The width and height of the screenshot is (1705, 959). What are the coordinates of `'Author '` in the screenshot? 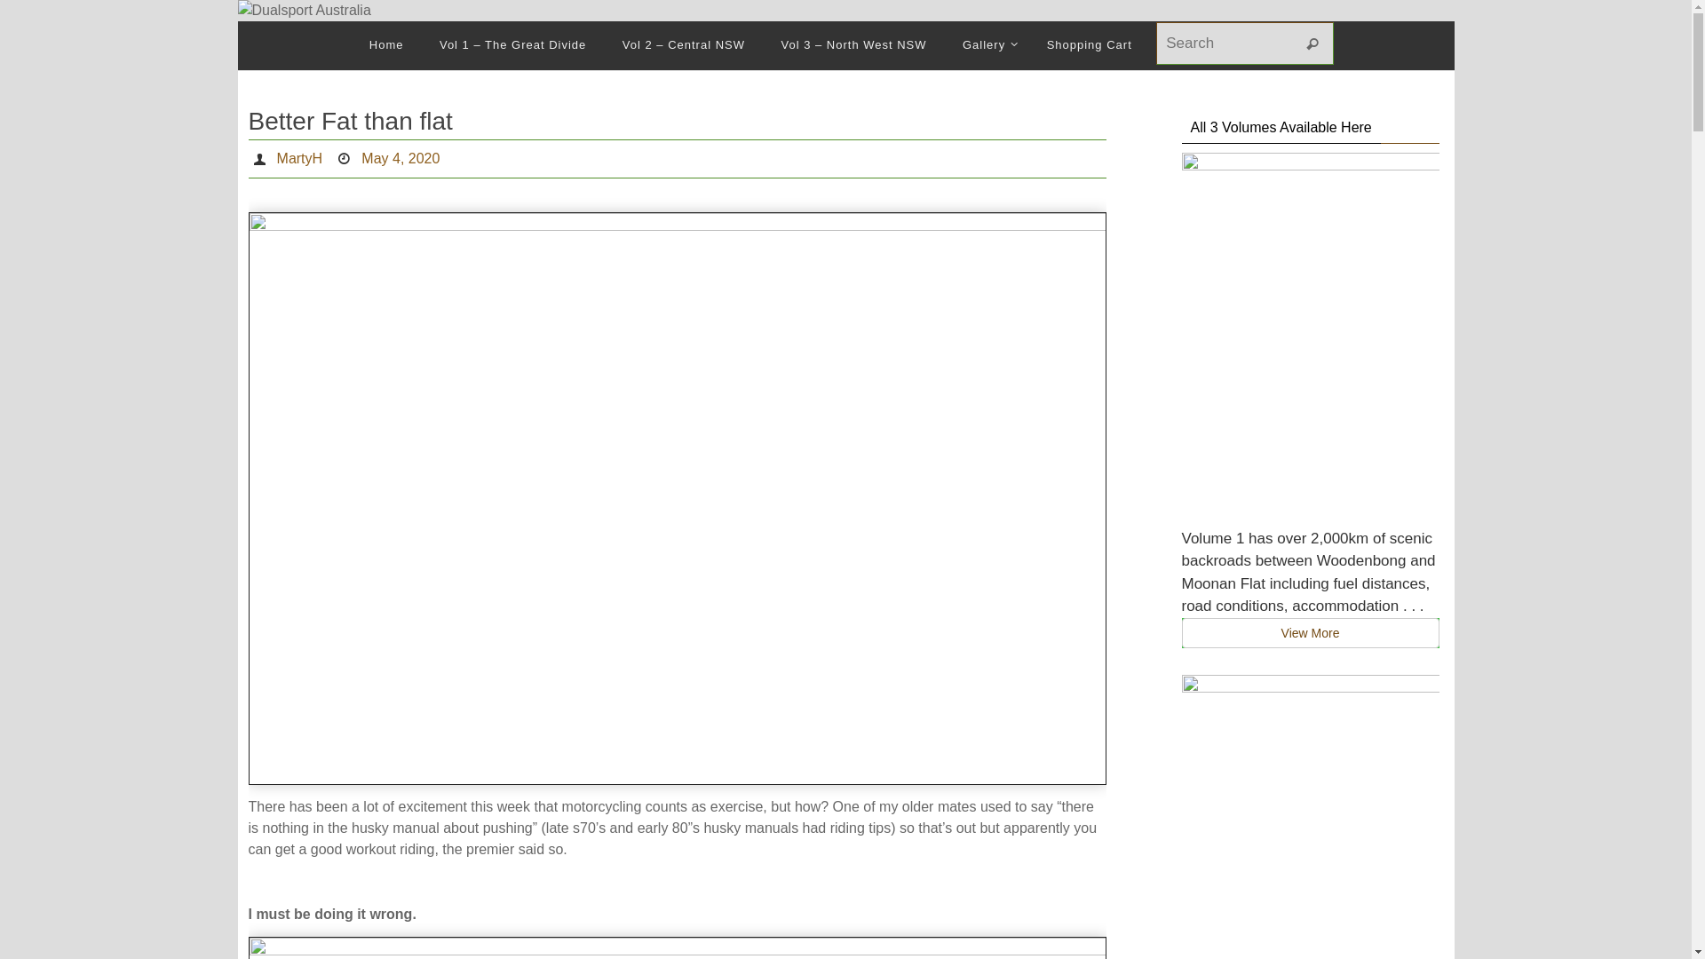 It's located at (250, 157).